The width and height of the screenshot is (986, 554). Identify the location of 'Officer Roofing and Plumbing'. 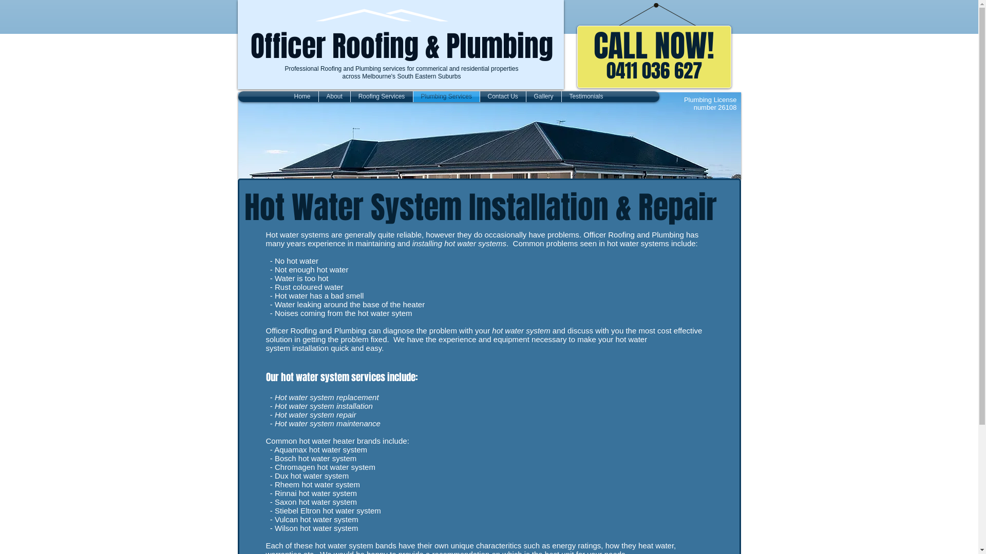
(382, 17).